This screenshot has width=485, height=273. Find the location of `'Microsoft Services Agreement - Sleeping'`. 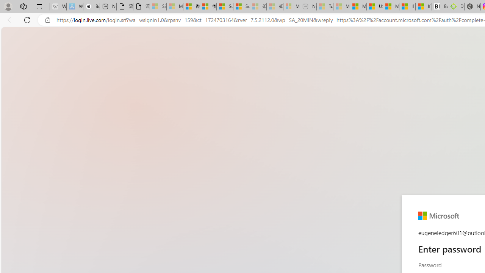

'Microsoft Services Agreement - Sleeping' is located at coordinates (174, 6).